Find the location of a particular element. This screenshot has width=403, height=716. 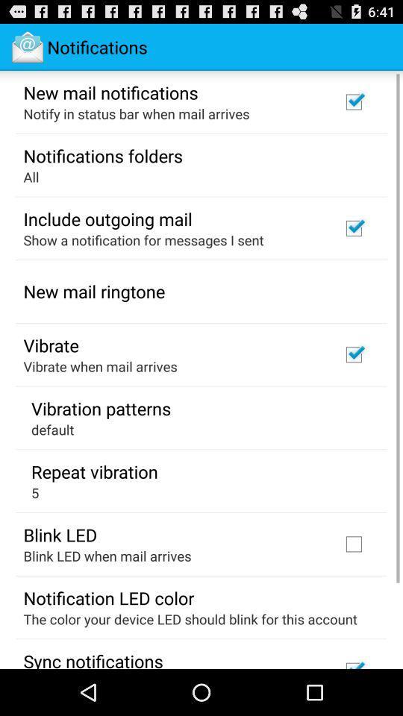

all icon is located at coordinates (31, 177).